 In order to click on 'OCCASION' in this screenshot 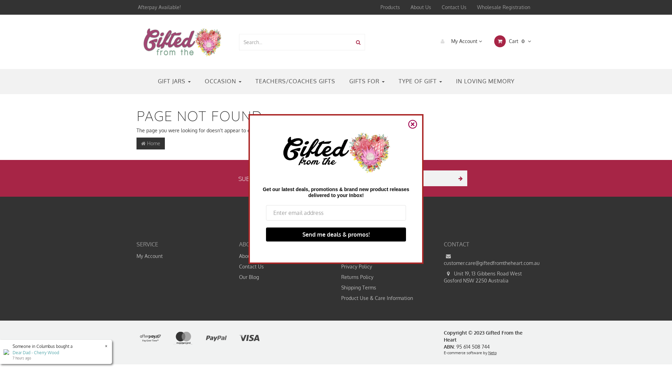, I will do `click(222, 81)`.